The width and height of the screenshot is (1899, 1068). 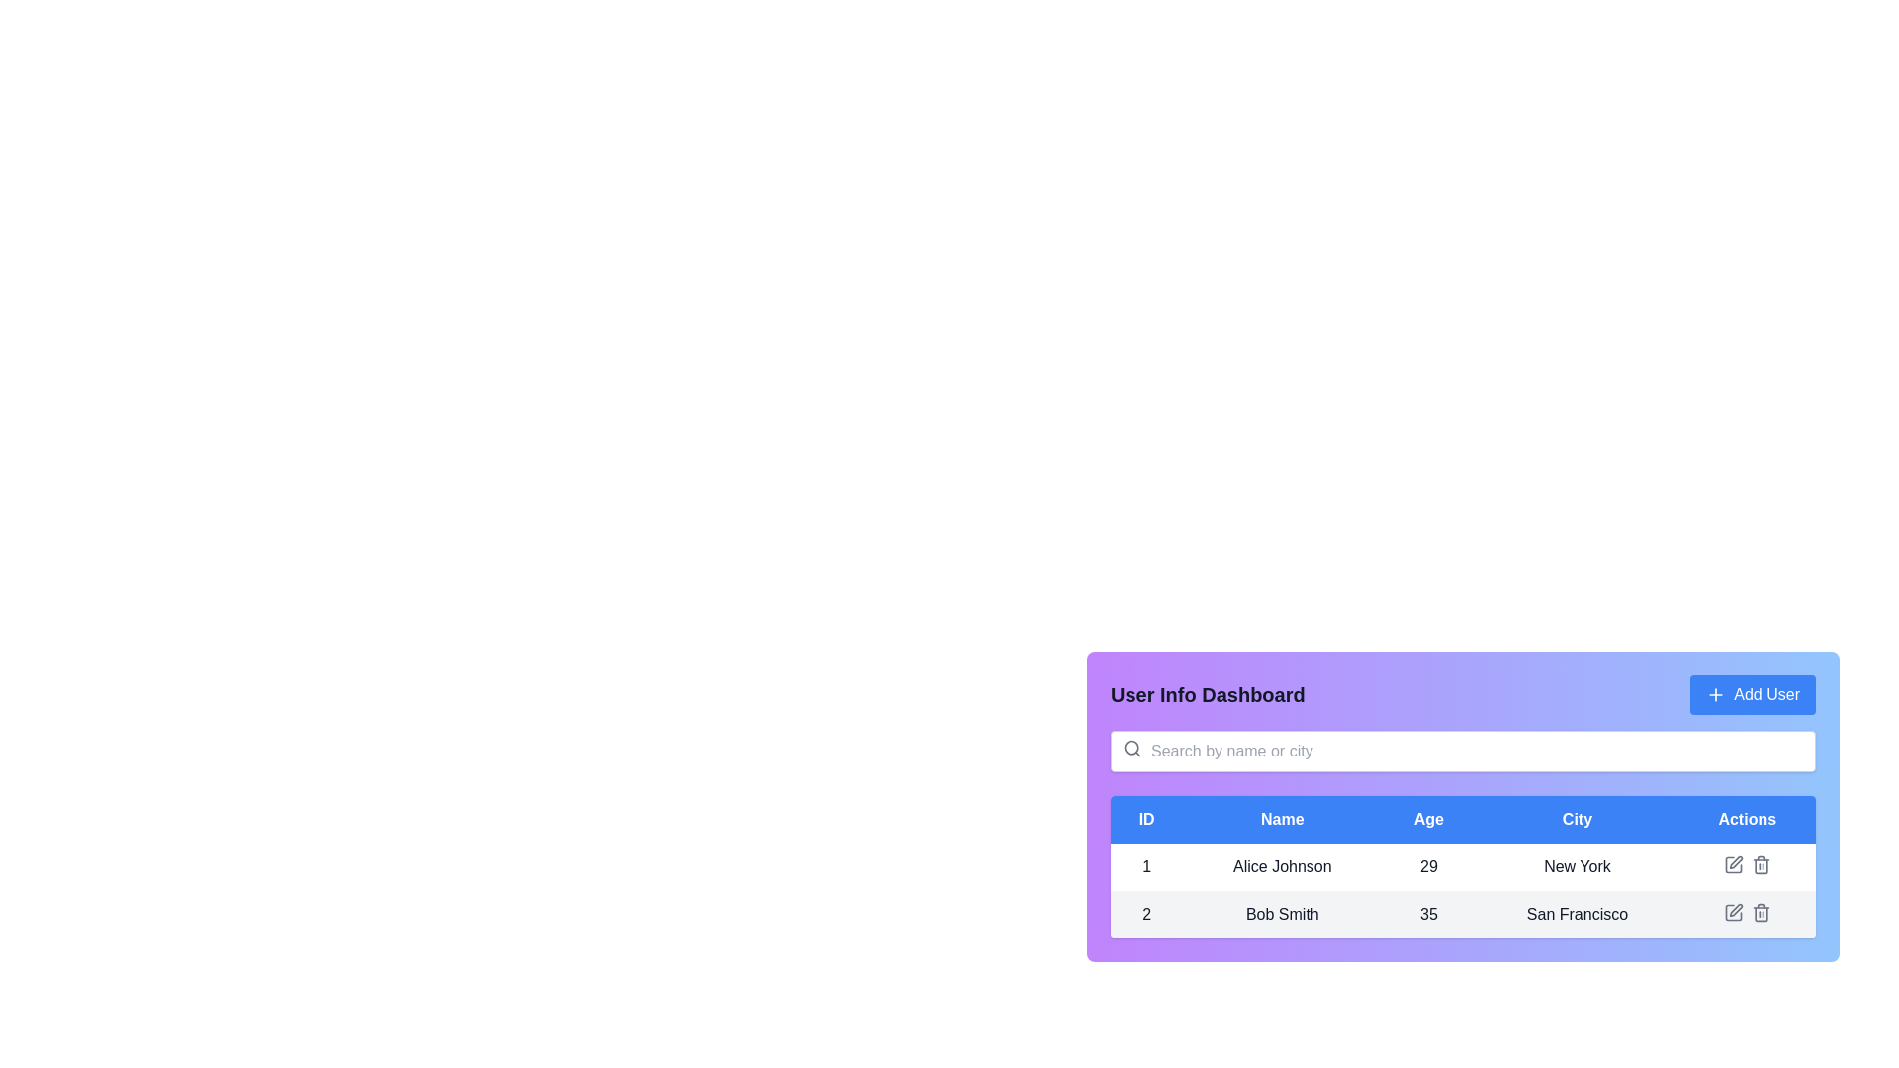 I want to click on the text element displaying the number '29', which is located in the third column under the header 'Age' and corresponds to the user 'Alice Johnson', so click(x=1428, y=865).